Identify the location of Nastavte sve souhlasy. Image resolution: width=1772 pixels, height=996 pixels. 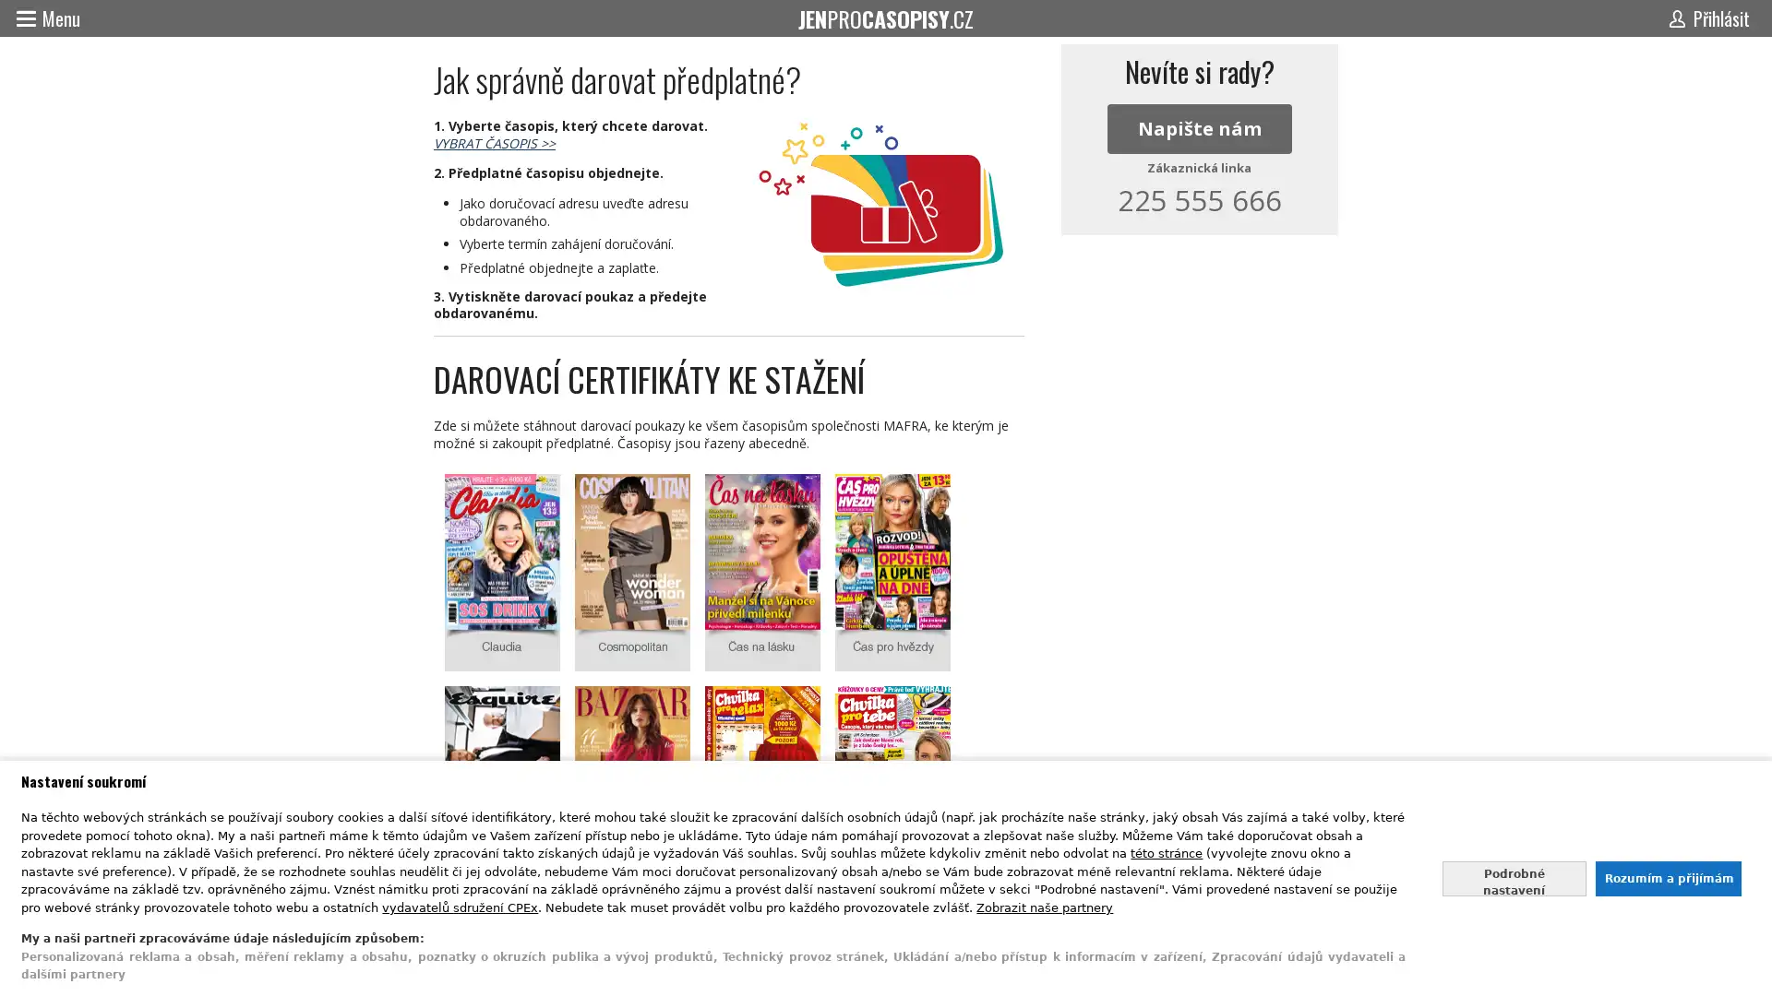
(1514, 877).